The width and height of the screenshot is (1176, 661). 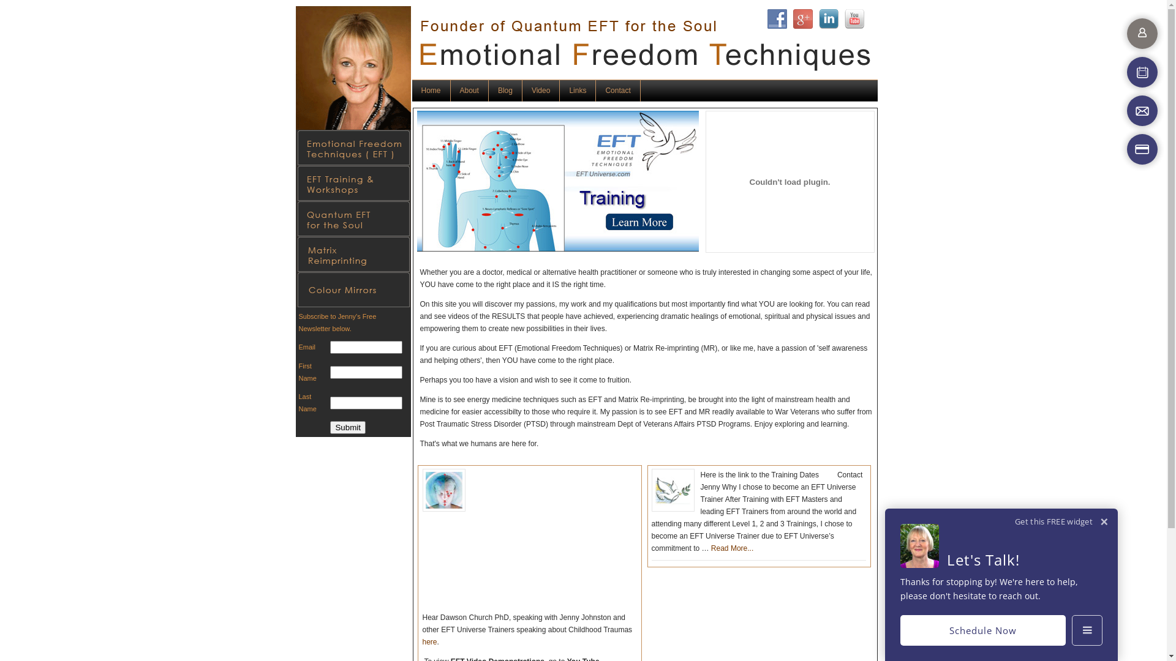 I want to click on 'Get this FREE widget', so click(x=1053, y=521).